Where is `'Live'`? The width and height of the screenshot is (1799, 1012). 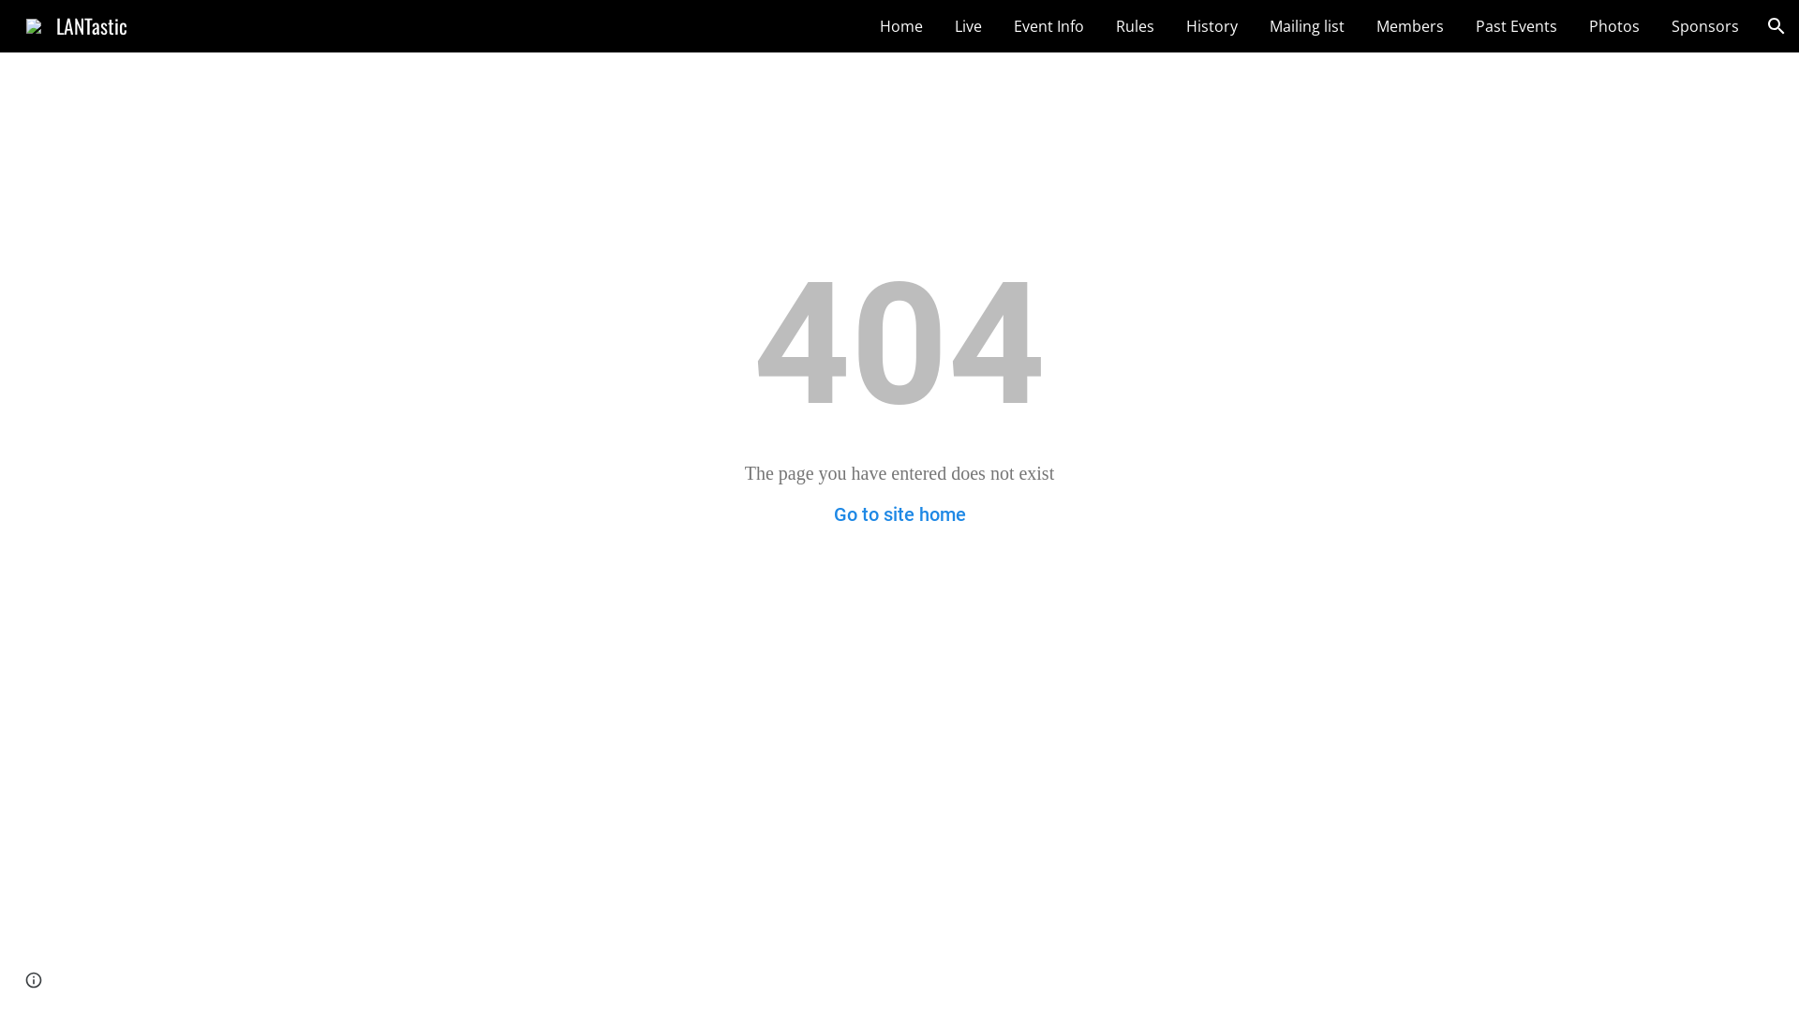 'Live' is located at coordinates (968, 25).